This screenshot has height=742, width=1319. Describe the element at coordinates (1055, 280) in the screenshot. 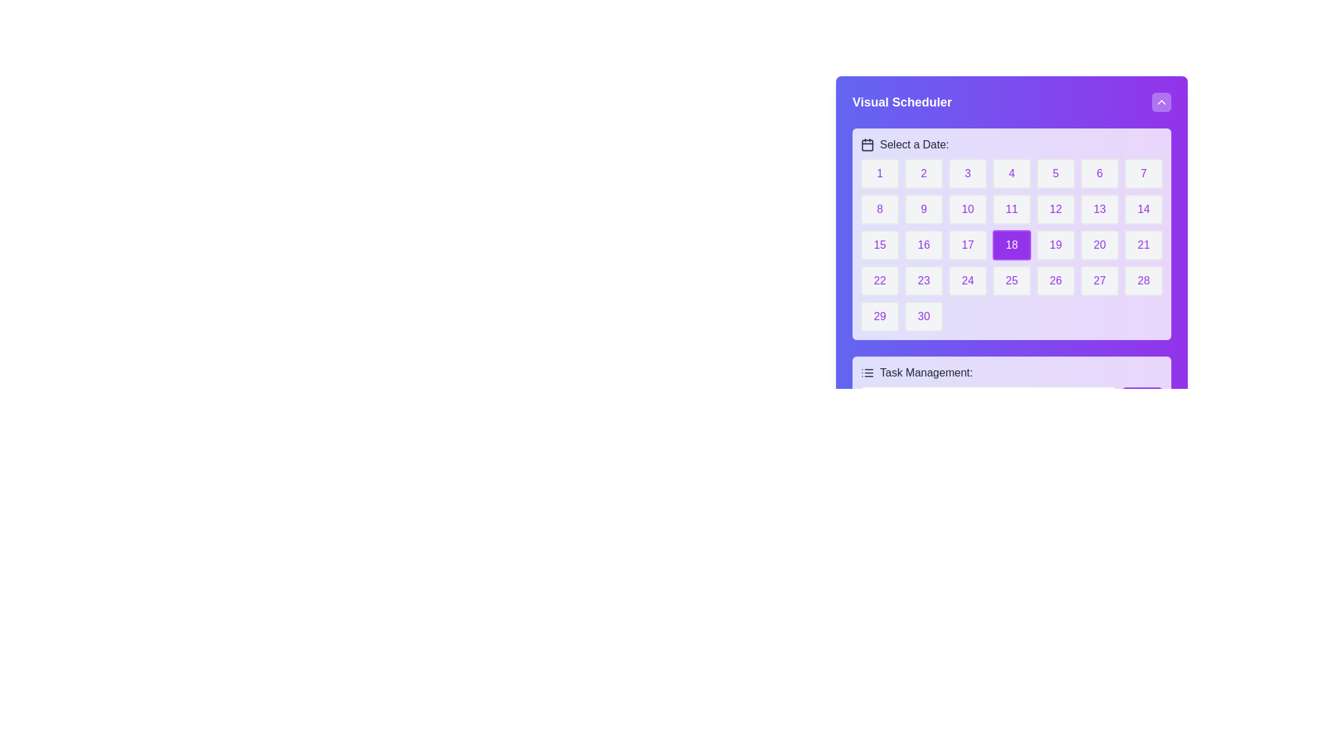

I see `the button labeled '26' in the bottom row of the calendar` at that location.